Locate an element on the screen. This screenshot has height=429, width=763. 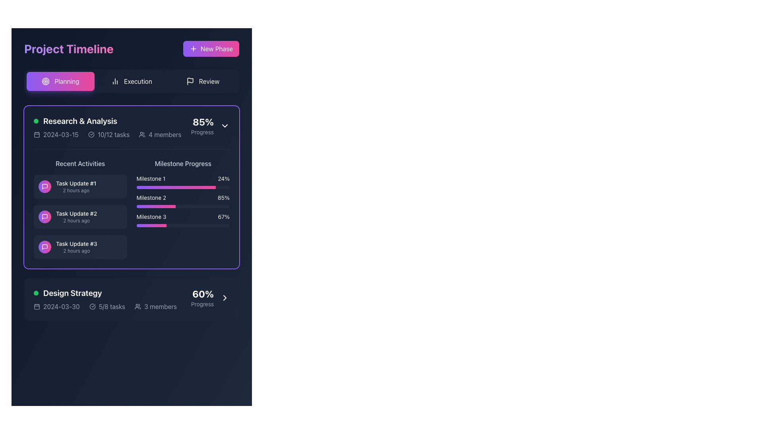
the progress indicator percentage located in the bottom-right corner of the 'Design Strategy' section is located at coordinates (210, 298).